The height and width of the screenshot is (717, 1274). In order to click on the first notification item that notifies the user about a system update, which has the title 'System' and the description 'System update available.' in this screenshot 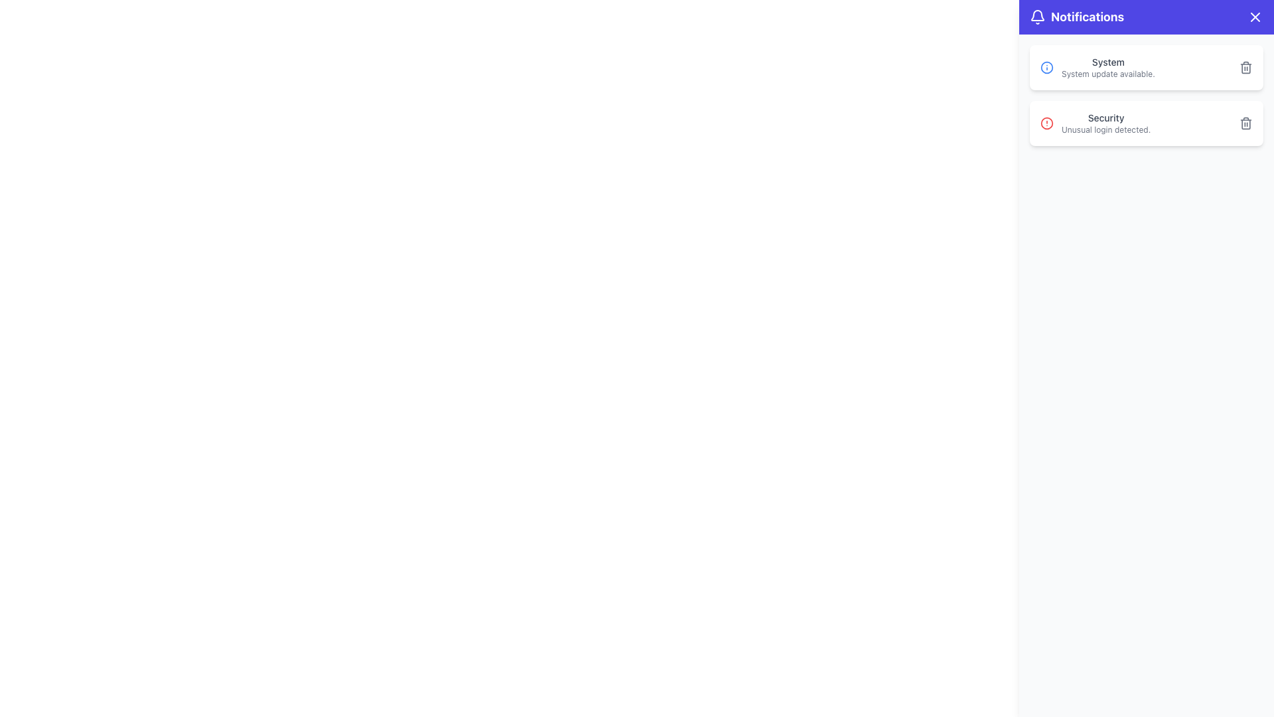, I will do `click(1097, 67)`.